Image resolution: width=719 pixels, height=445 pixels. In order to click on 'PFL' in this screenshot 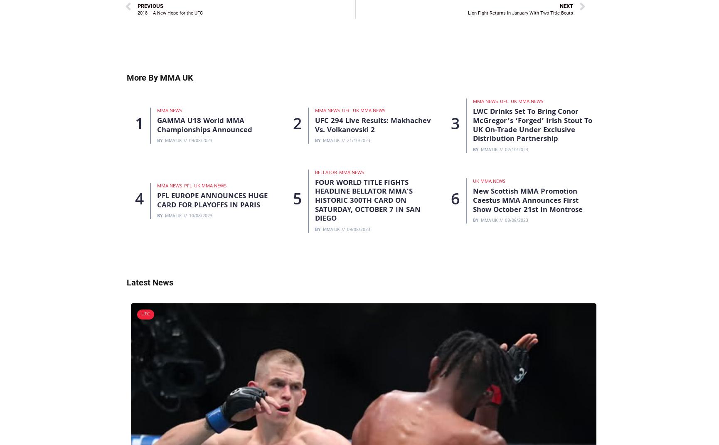, I will do `click(184, 186)`.